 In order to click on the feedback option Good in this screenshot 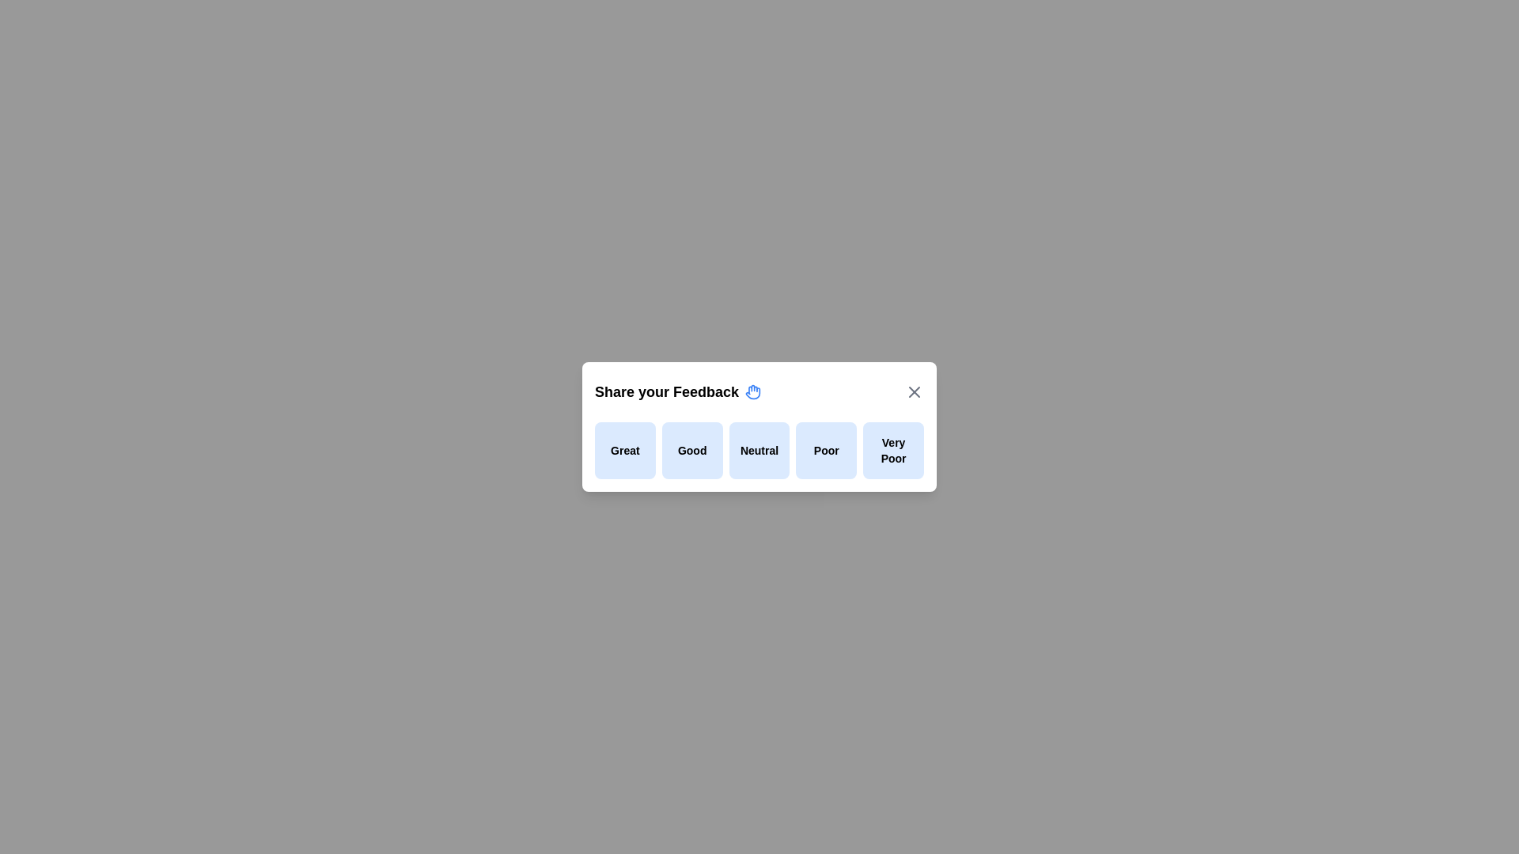, I will do `click(691, 451)`.